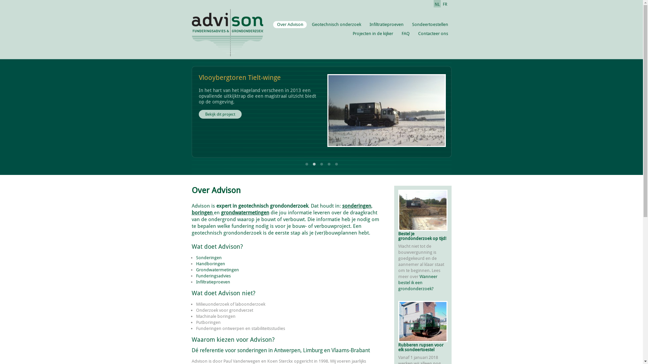 The width and height of the screenshot is (648, 364). Describe the element at coordinates (405, 34) in the screenshot. I see `'FAQ'` at that location.